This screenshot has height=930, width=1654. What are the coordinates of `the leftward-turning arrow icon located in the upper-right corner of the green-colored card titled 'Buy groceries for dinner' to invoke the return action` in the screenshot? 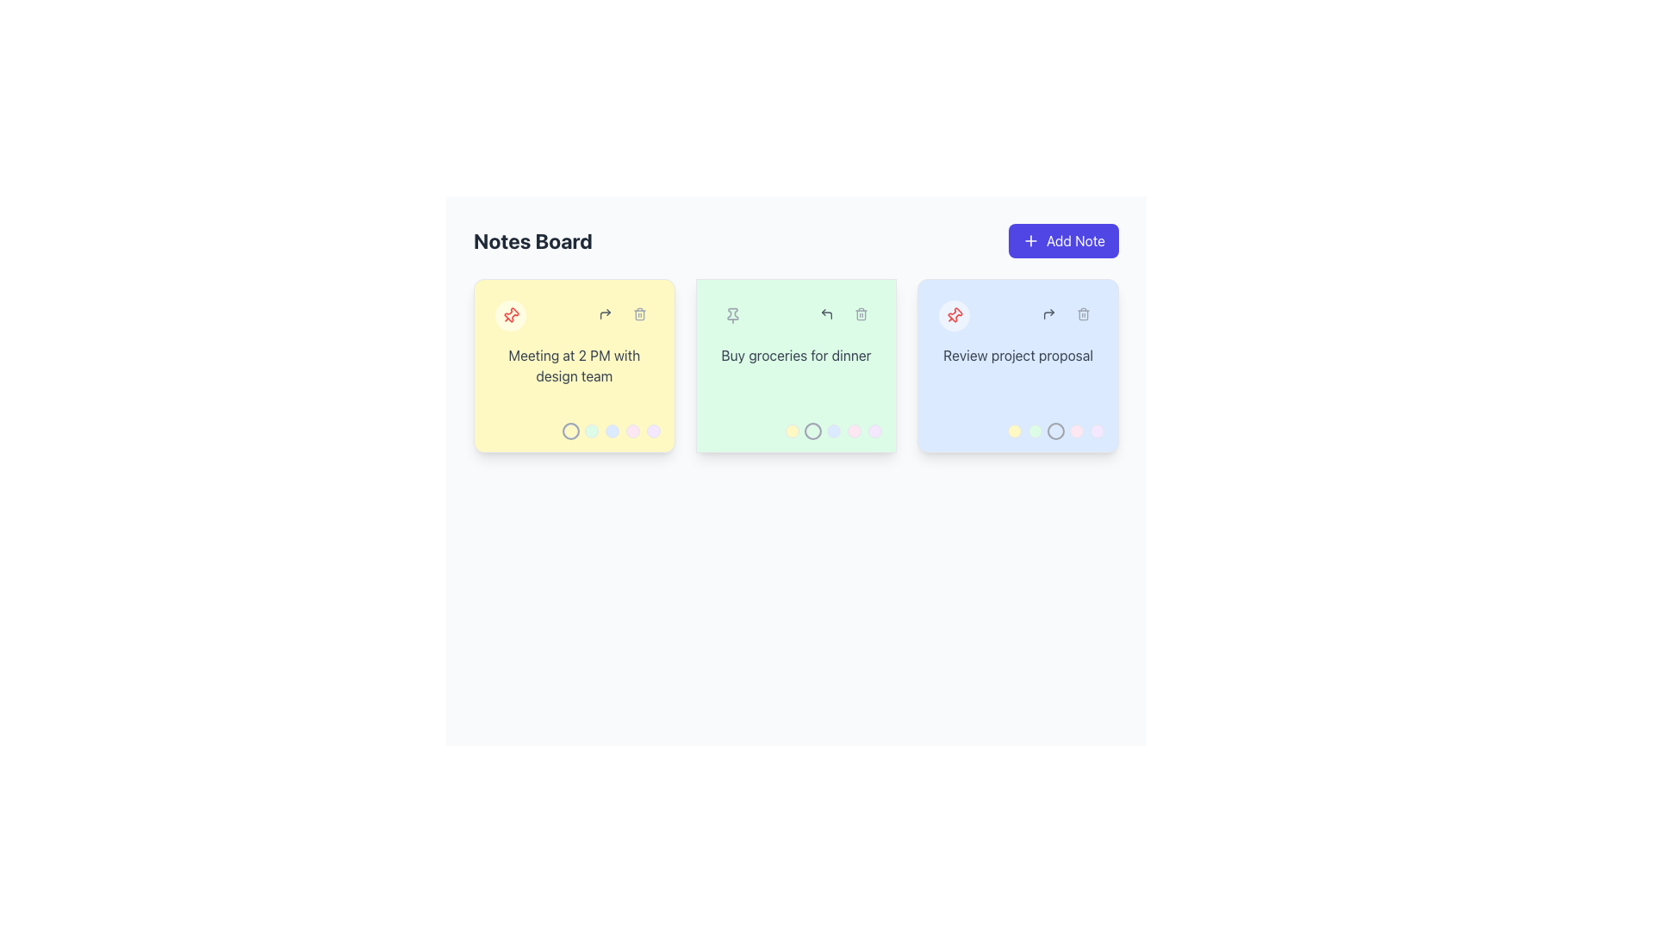 It's located at (827, 314).